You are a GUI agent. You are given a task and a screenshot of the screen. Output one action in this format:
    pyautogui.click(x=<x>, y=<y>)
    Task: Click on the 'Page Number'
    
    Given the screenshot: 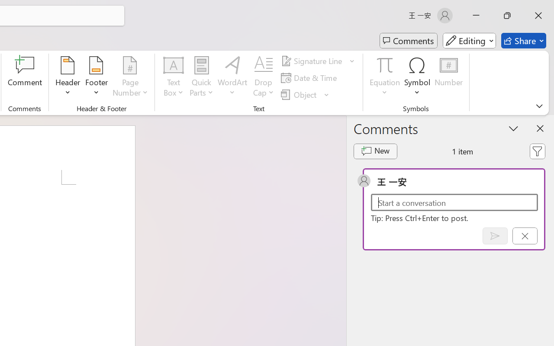 What is the action you would take?
    pyautogui.click(x=130, y=77)
    